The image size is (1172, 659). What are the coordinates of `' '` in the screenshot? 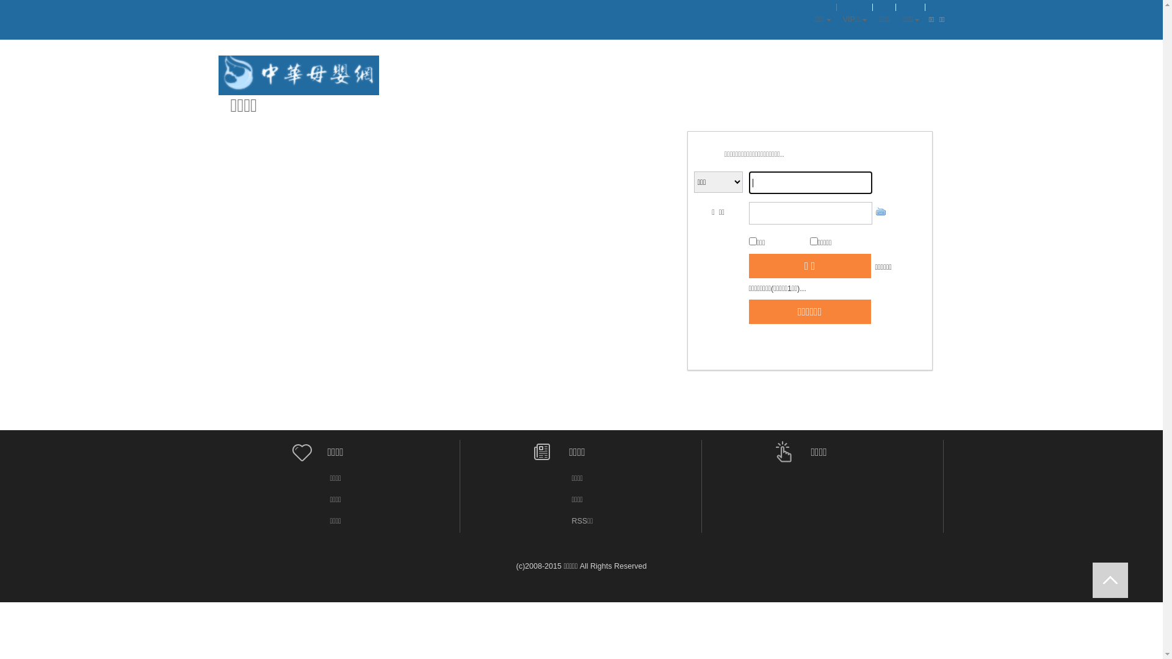 It's located at (1110, 580).